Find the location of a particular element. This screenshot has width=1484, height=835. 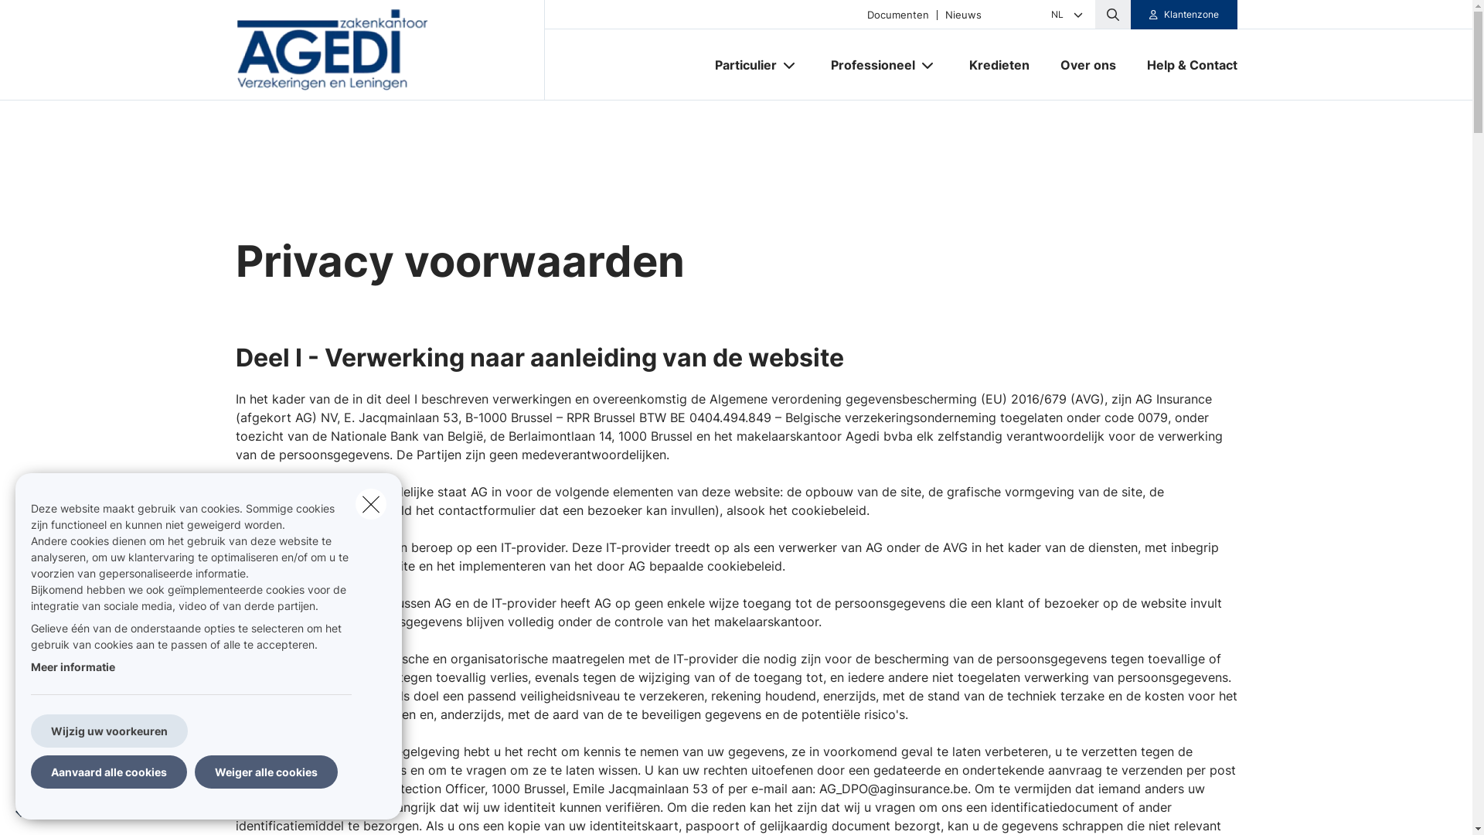

'Wijzig uw voorkeuren' is located at coordinates (108, 731).